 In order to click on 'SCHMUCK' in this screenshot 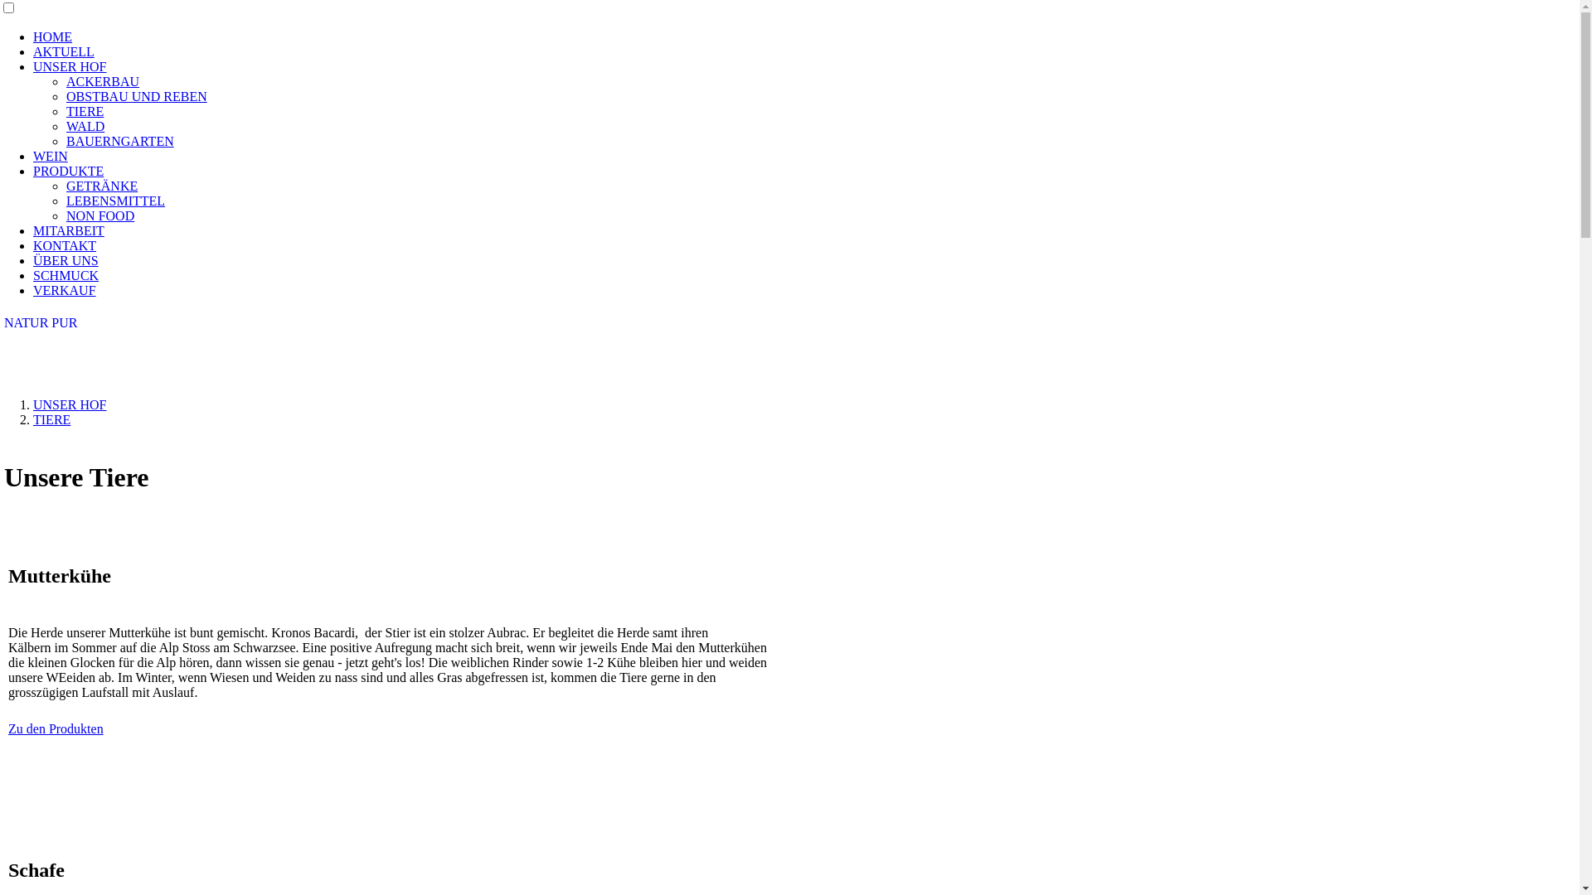, I will do `click(66, 274)`.